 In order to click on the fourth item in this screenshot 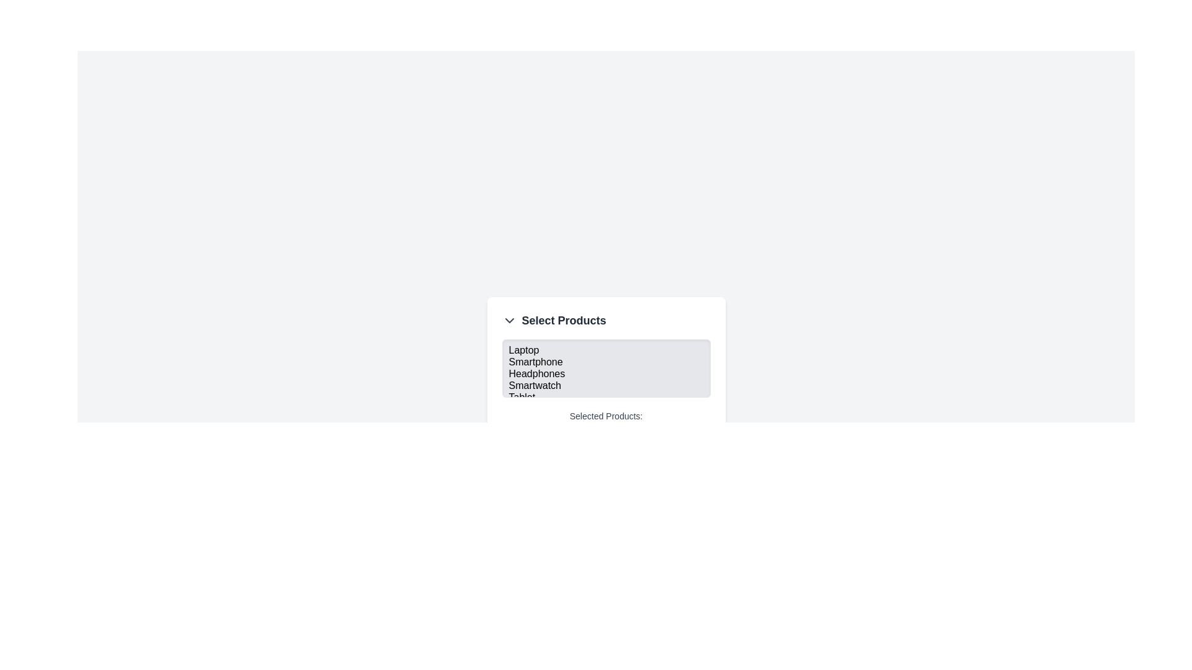, I will do `click(606, 385)`.